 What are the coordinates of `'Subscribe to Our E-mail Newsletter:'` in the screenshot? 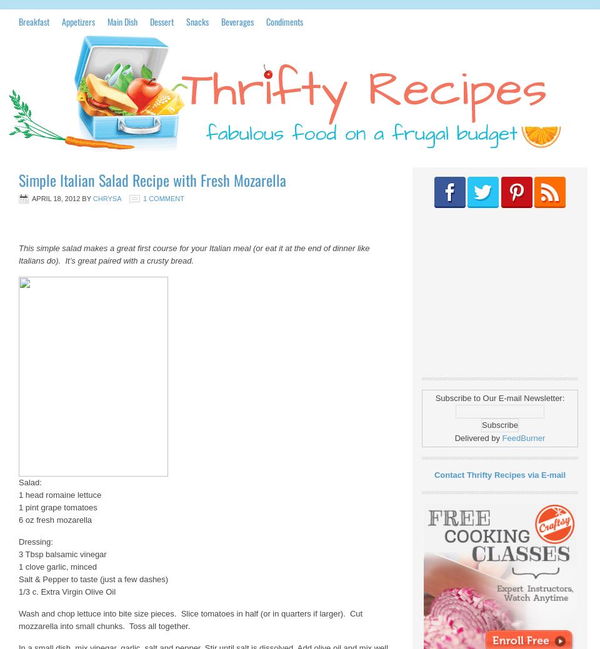 It's located at (435, 398).